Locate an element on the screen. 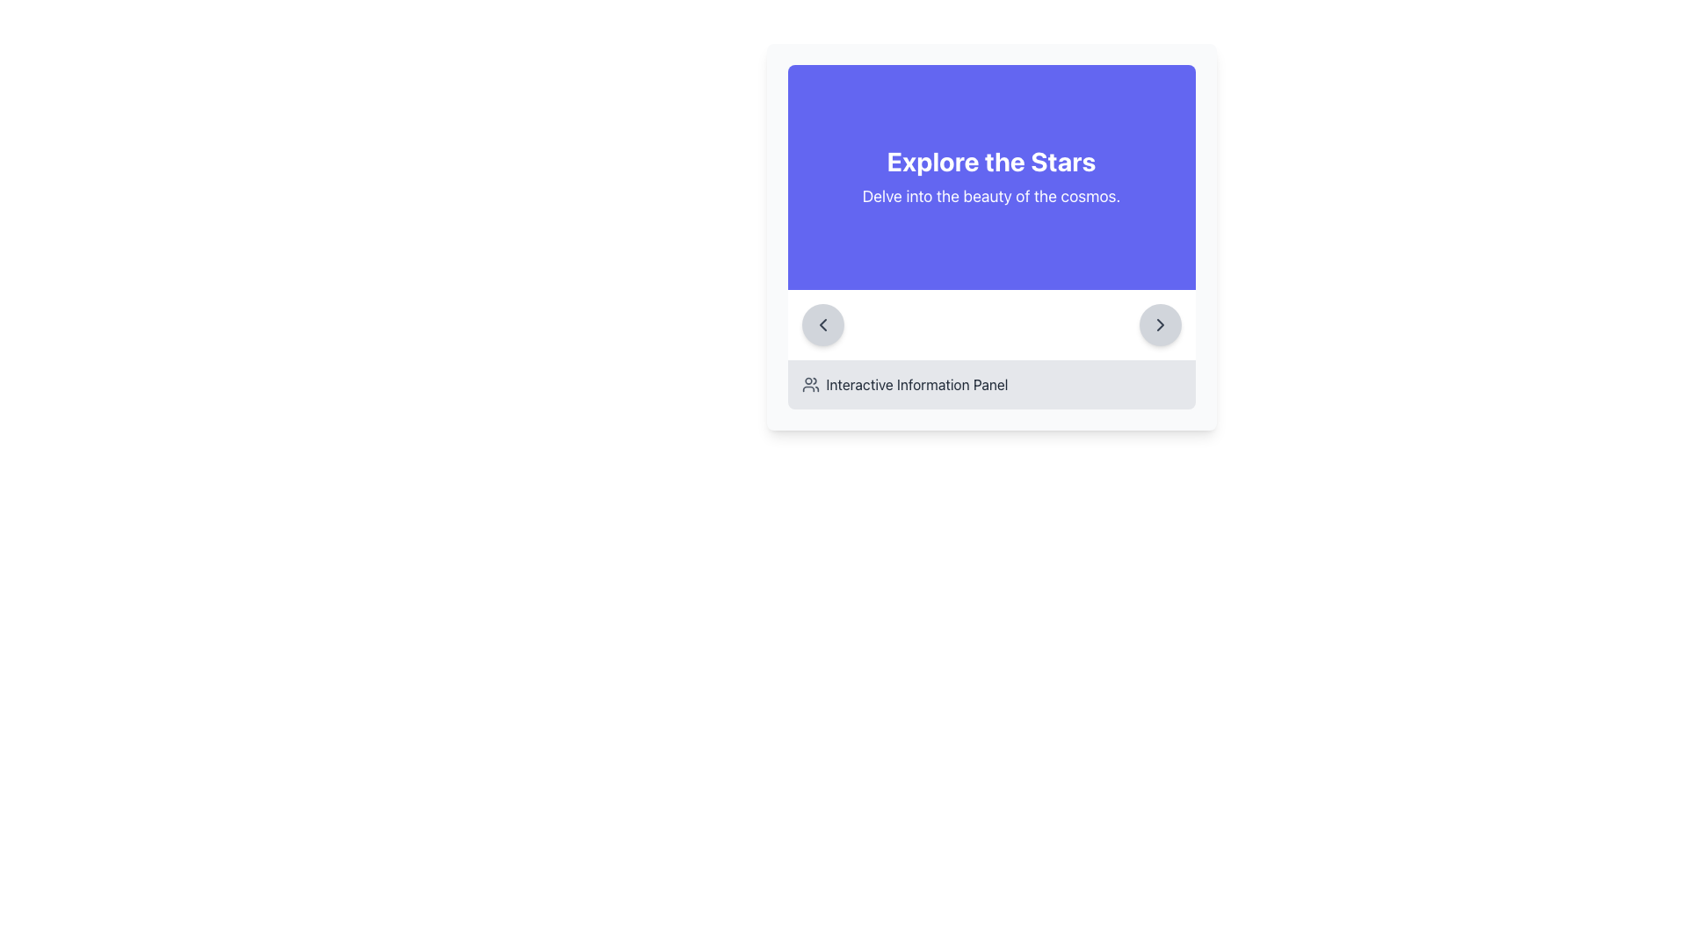 This screenshot has height=949, width=1687. the left arrow SVG icon element nested within the circular button located at the bottom-left corner of the content card is located at coordinates (822, 325).